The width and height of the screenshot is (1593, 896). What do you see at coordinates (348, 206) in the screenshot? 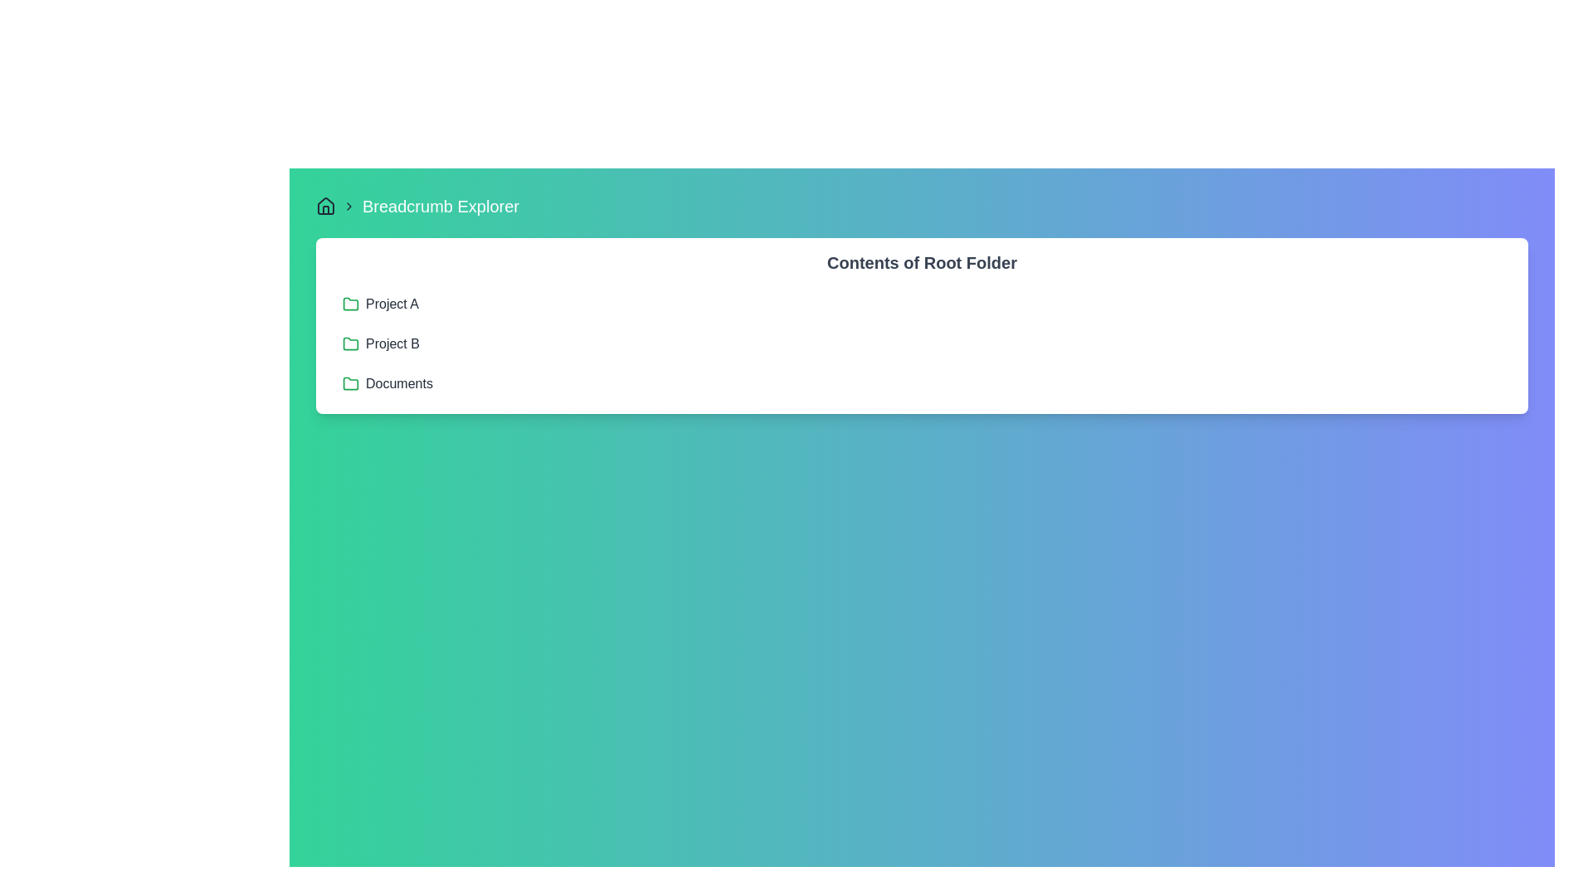
I see `the decorative chevron SVG icon in the breadcrumb navigation, which is located immediately to the right of the house icon and before the text 'Breadcrumb Explorer'` at bounding box center [348, 206].